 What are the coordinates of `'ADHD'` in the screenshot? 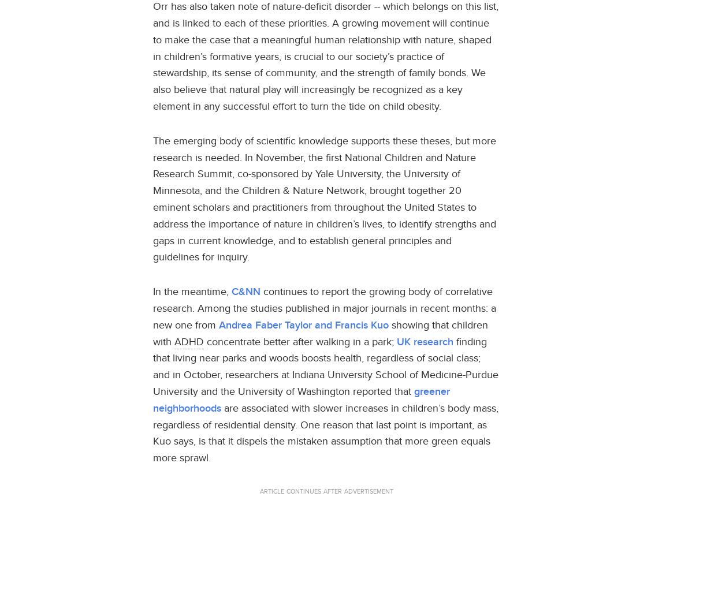 It's located at (188, 341).